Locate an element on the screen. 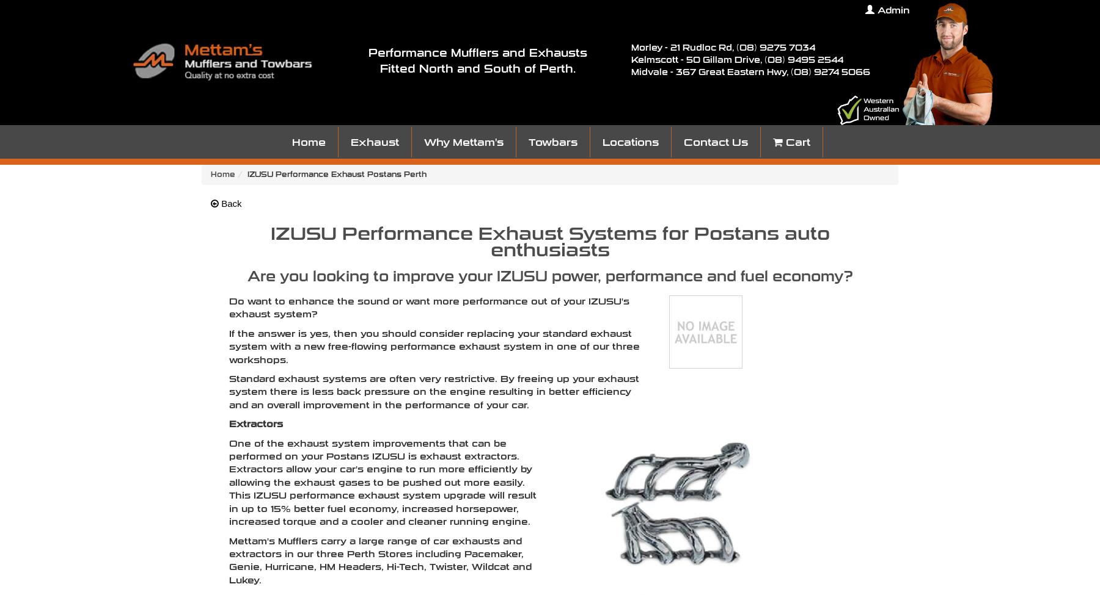  'If the answer is yes, then you should consider replacing your standard exhaust system with a new free-flowing performance exhaust system in one of our three workshops.' is located at coordinates (434, 345).